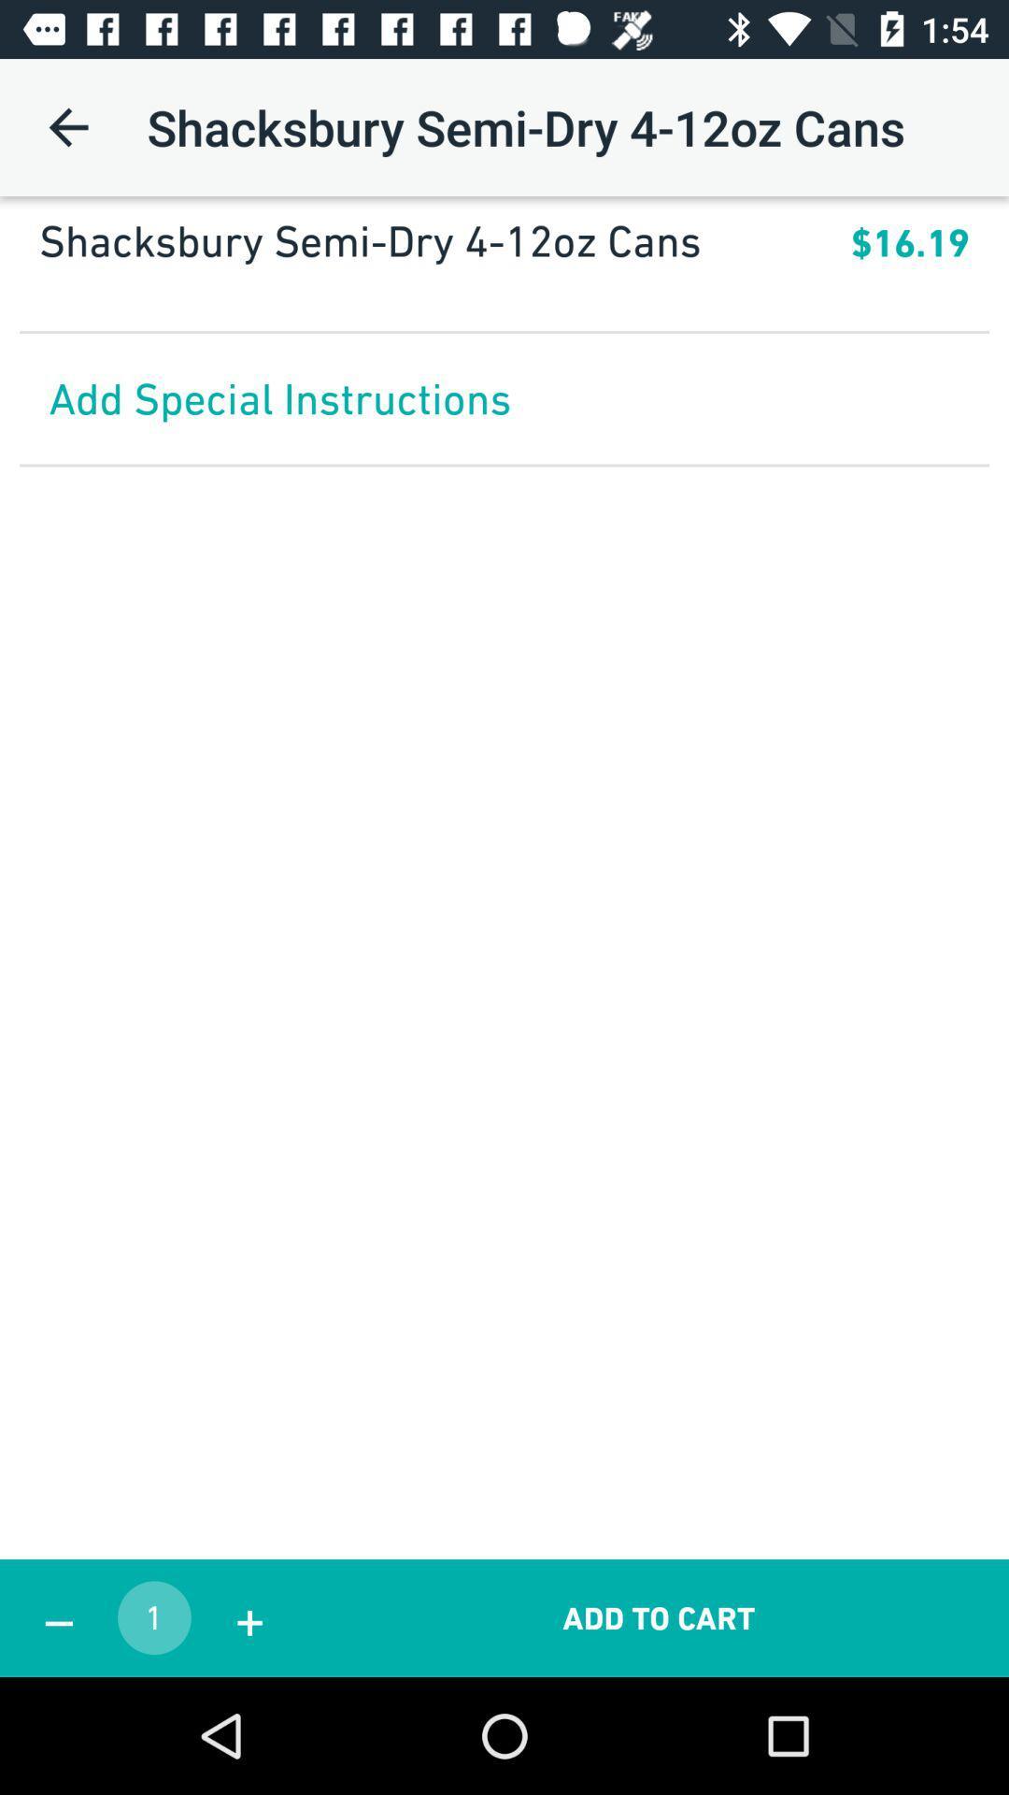 The width and height of the screenshot is (1009, 1795). What do you see at coordinates (57, 1617) in the screenshot?
I see `the icon next to 1 icon` at bounding box center [57, 1617].